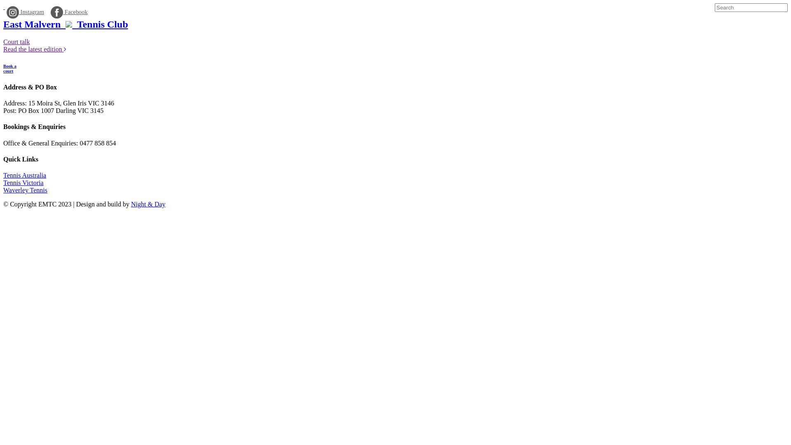 This screenshot has width=791, height=445. Describe the element at coordinates (65, 23) in the screenshot. I see `'East Malvern    Tennis Club'` at that location.